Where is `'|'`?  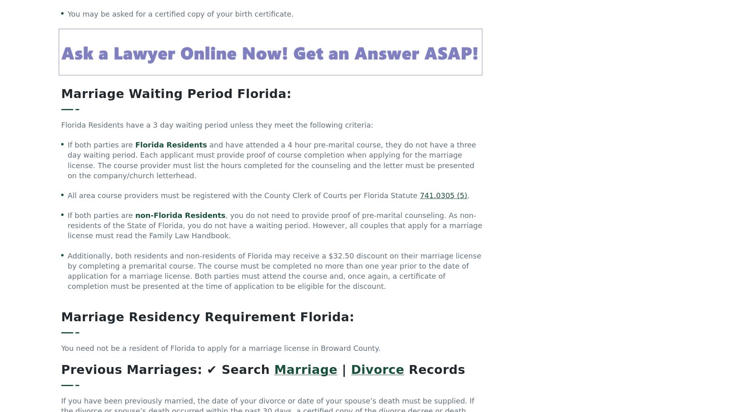 '|' is located at coordinates (344, 371).